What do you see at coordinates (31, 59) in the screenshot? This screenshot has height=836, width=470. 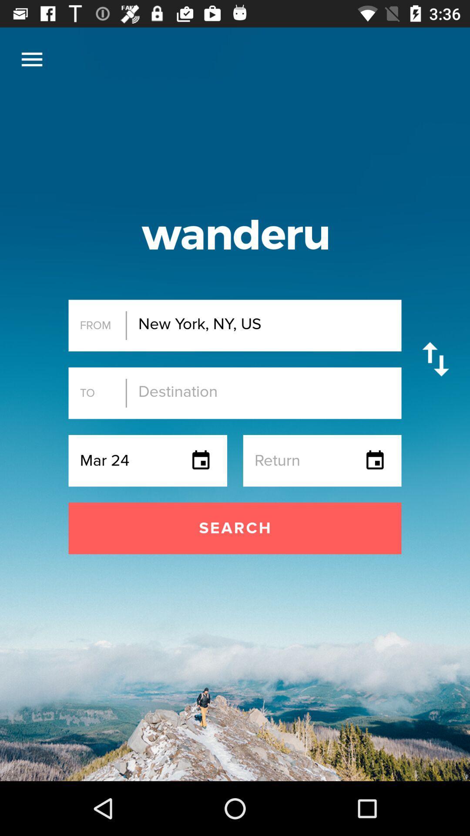 I see `open settings` at bounding box center [31, 59].